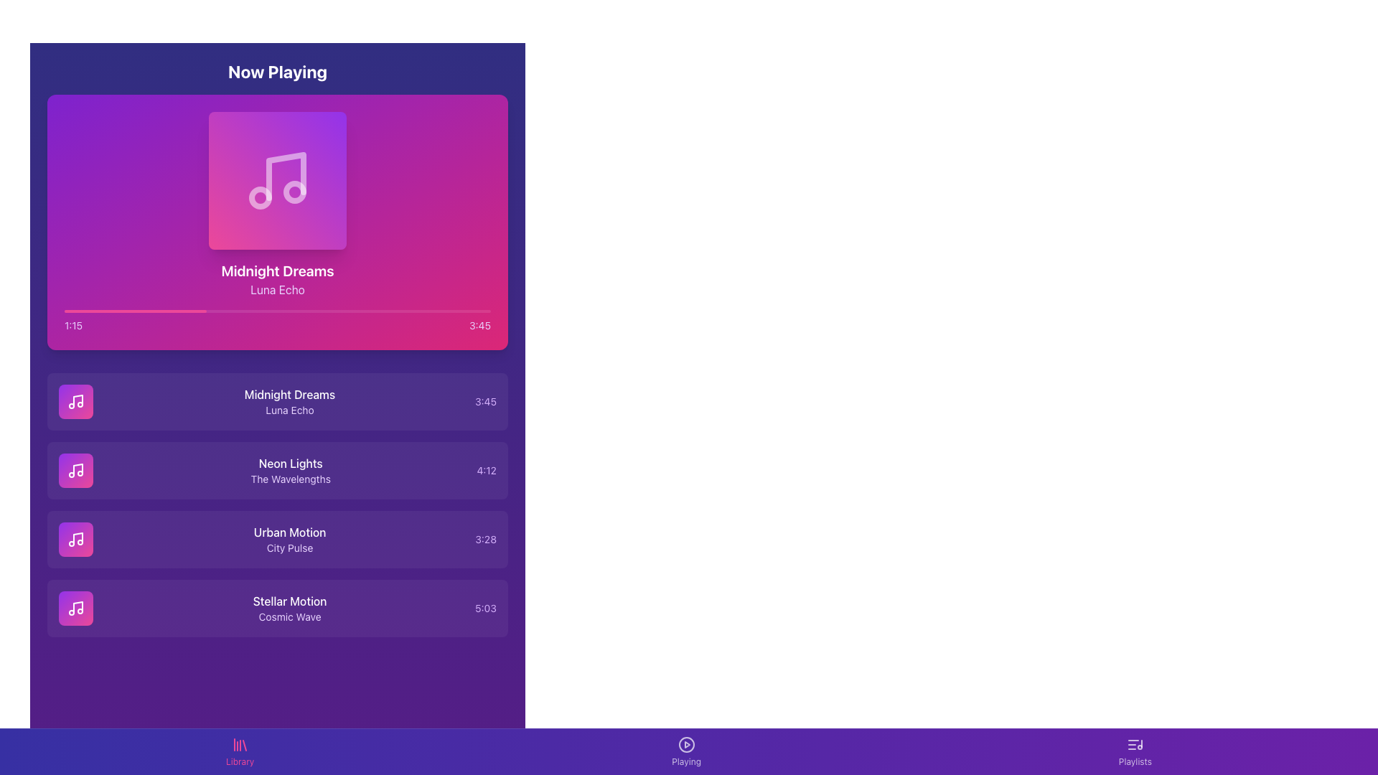  What do you see at coordinates (183, 311) in the screenshot?
I see `the slider` at bounding box center [183, 311].